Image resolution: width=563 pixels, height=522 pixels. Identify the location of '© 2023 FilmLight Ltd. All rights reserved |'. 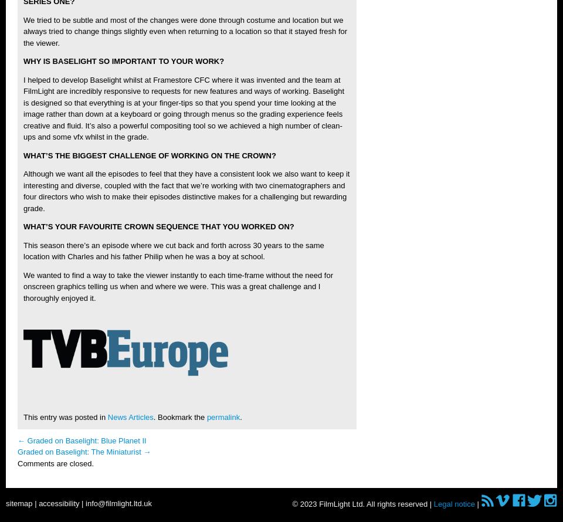
(362, 503).